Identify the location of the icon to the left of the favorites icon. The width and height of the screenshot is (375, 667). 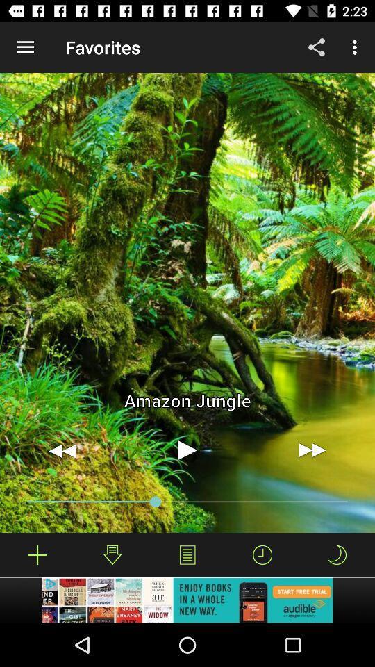
(25, 47).